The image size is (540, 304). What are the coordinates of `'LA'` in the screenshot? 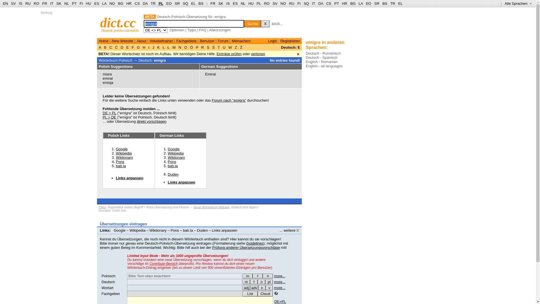 It's located at (104, 3).